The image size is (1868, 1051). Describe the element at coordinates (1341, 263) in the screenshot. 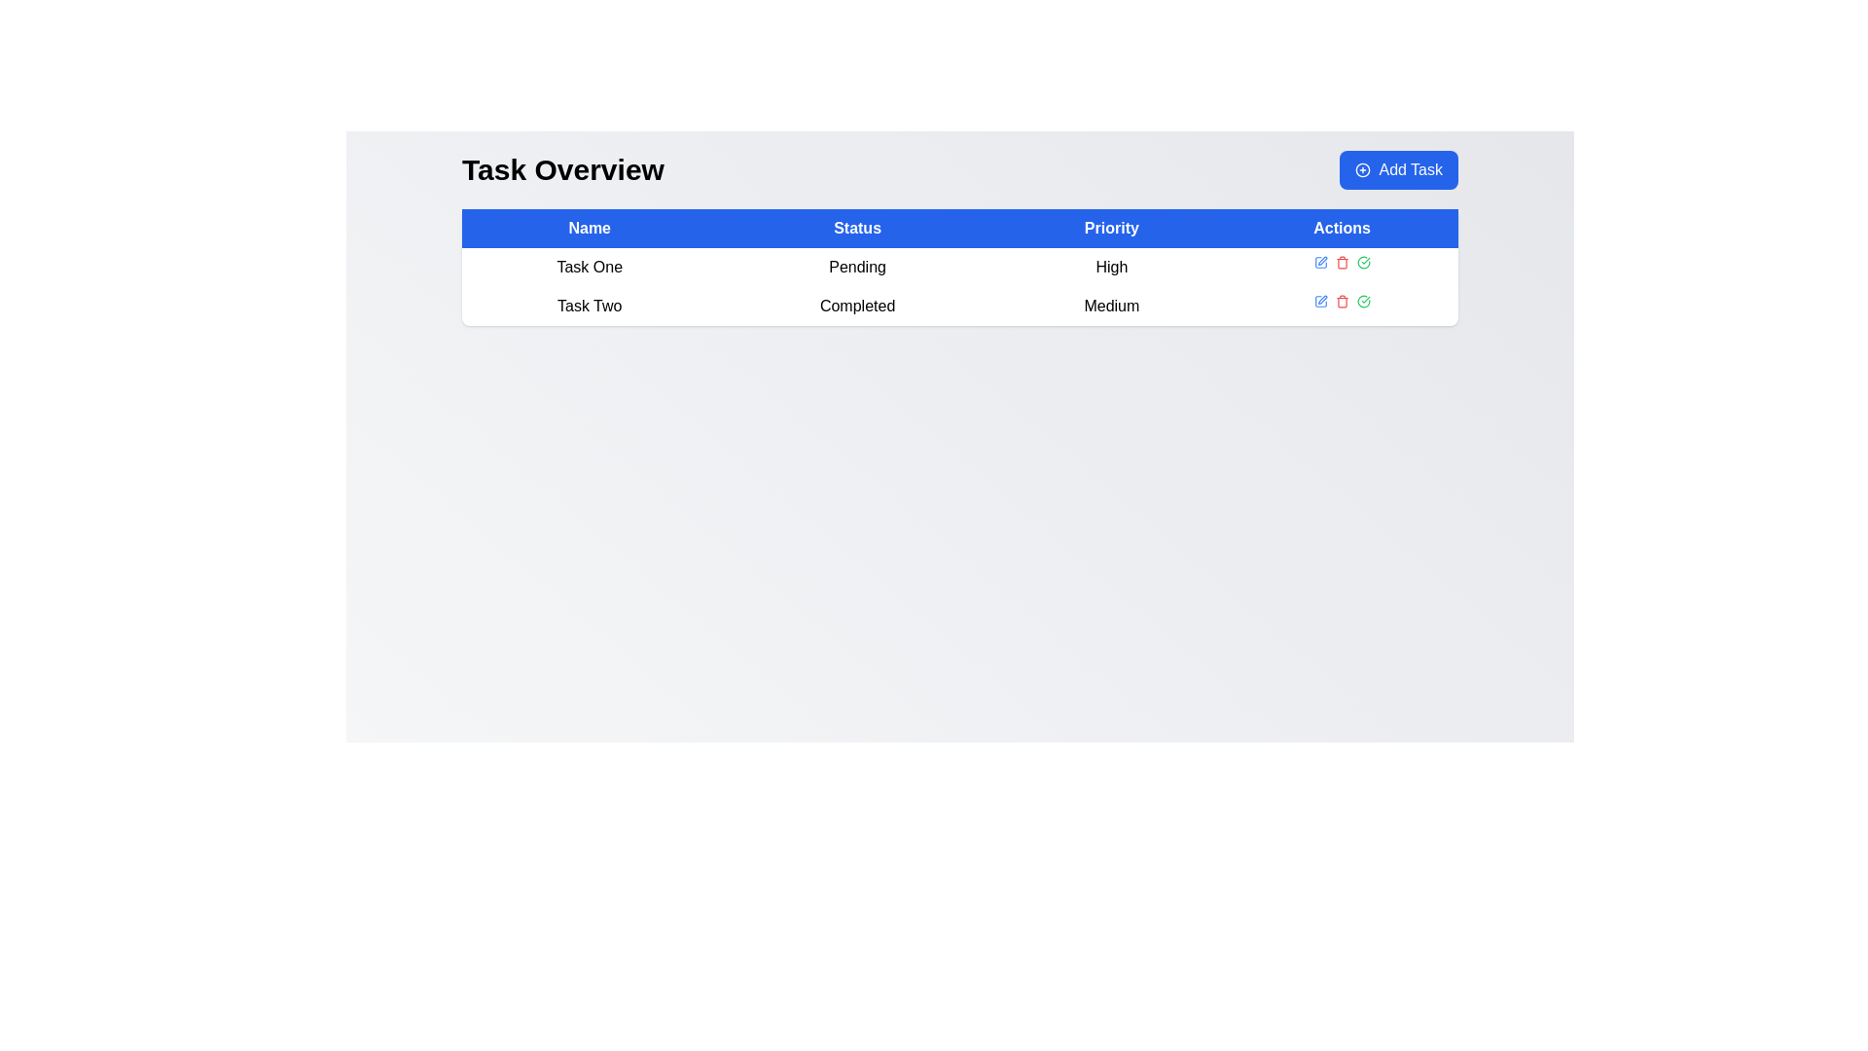

I see `the small red trash bin icon in the 'Actions' column of the first row in the task table` at that location.